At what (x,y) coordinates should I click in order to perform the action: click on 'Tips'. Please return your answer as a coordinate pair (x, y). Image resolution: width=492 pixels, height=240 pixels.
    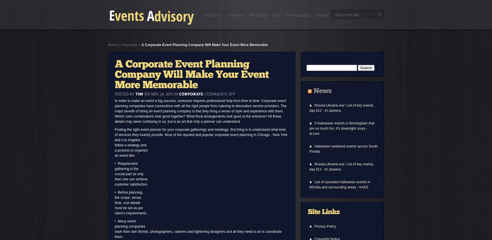
    Looking at the image, I should click on (276, 15).